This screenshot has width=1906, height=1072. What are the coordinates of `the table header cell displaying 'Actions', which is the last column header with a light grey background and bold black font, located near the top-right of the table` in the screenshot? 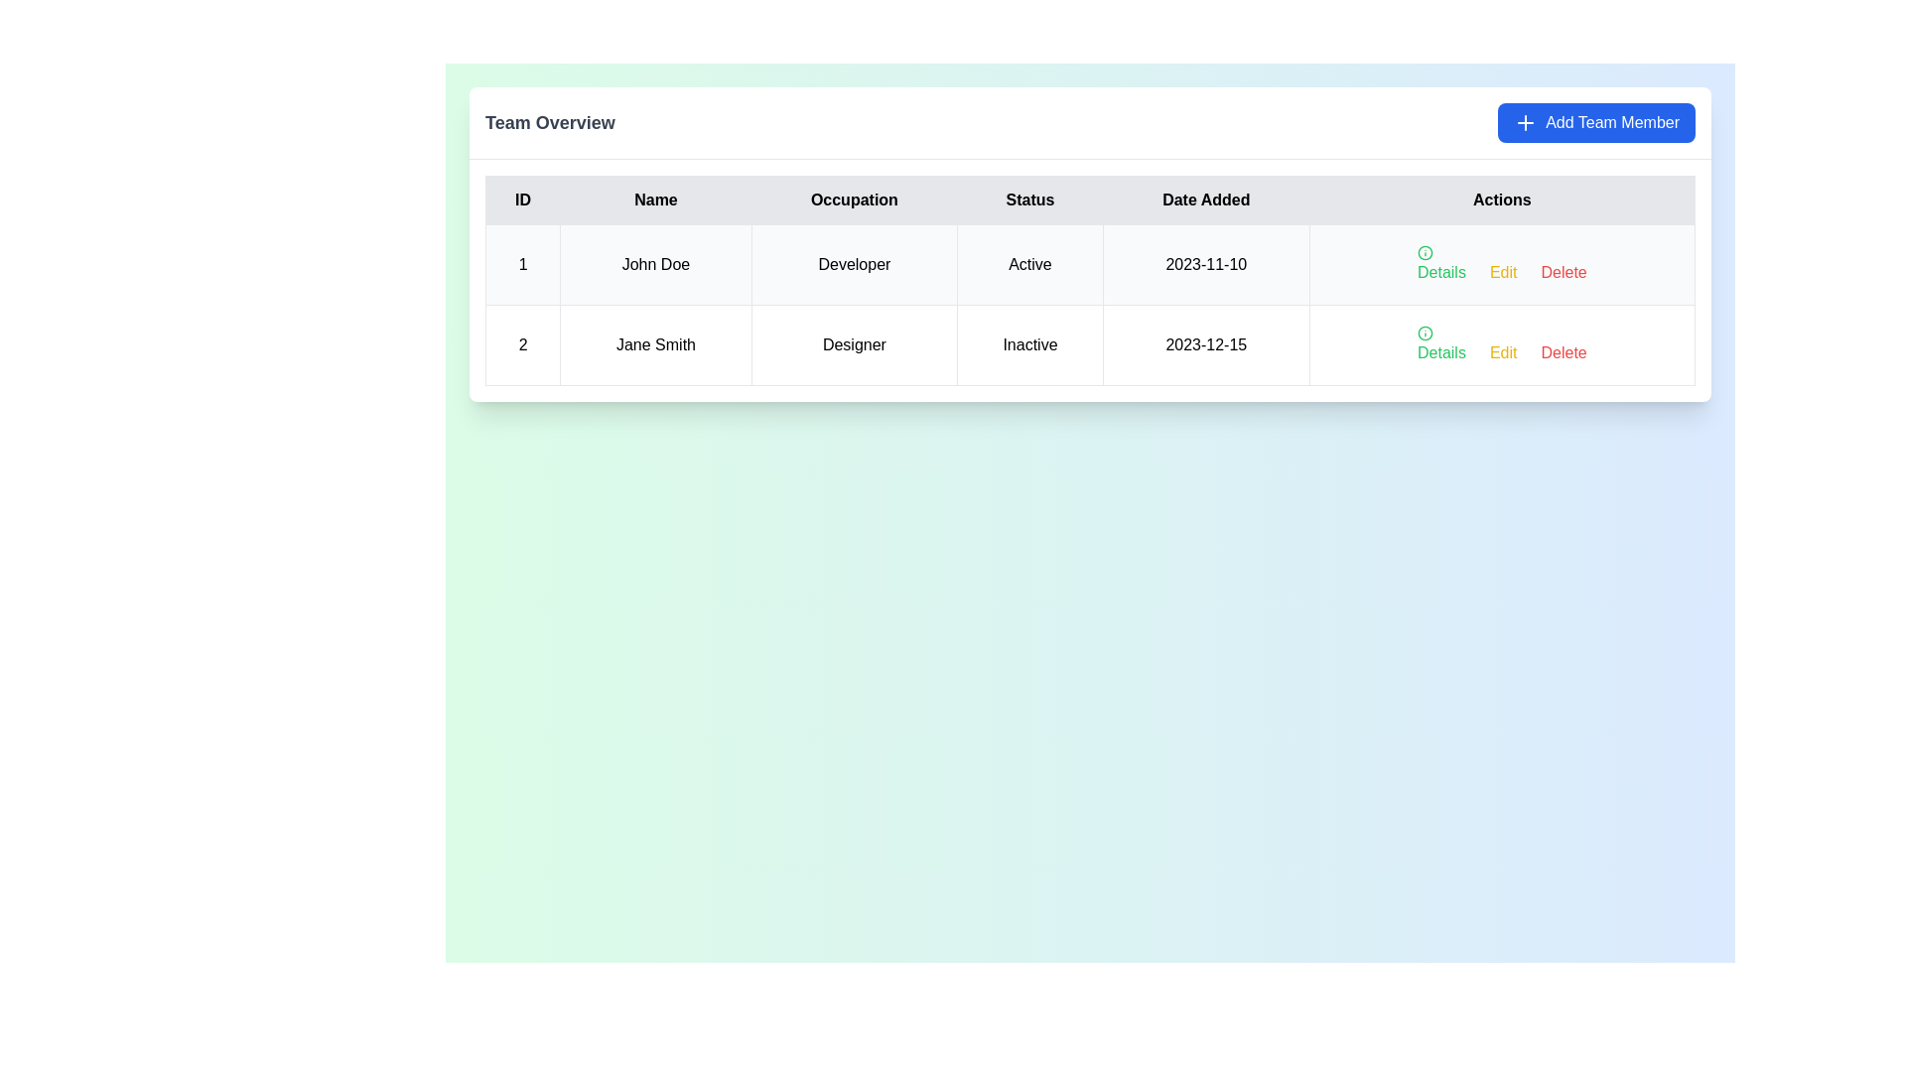 It's located at (1502, 200).